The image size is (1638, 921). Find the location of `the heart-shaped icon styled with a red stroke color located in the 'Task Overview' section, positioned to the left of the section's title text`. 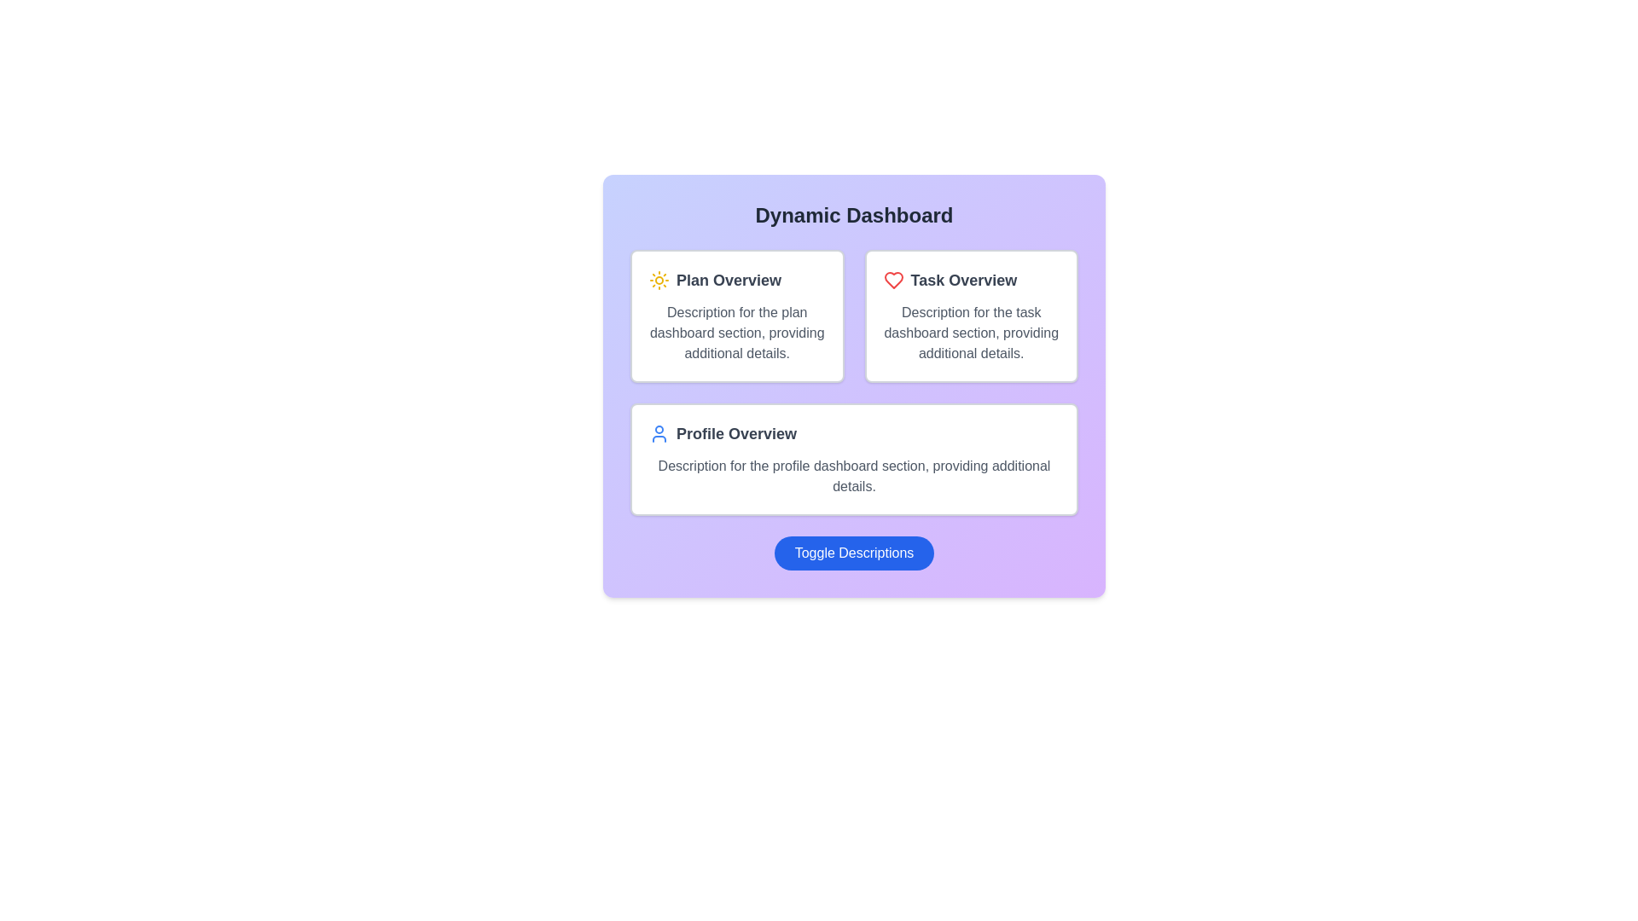

the heart-shaped icon styled with a red stroke color located in the 'Task Overview' section, positioned to the left of the section's title text is located at coordinates (892, 279).